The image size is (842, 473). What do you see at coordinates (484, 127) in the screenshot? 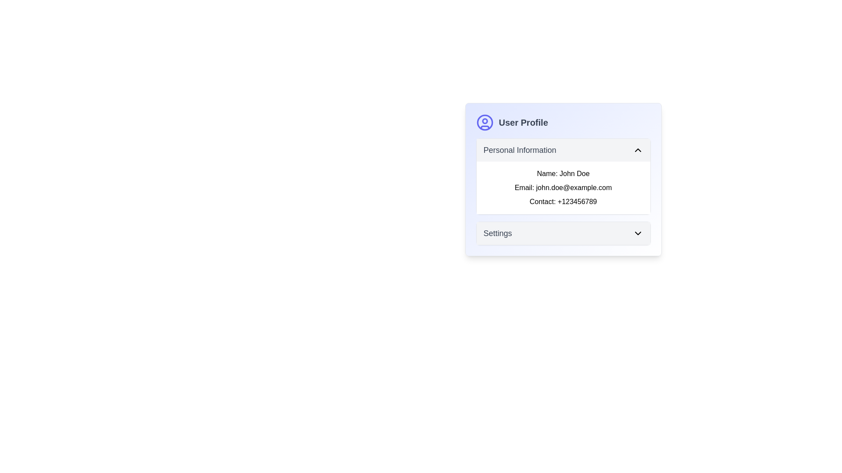
I see `the neckline or base design of the user profile icon located at the top-left corner of the 'User Profile' card` at bounding box center [484, 127].